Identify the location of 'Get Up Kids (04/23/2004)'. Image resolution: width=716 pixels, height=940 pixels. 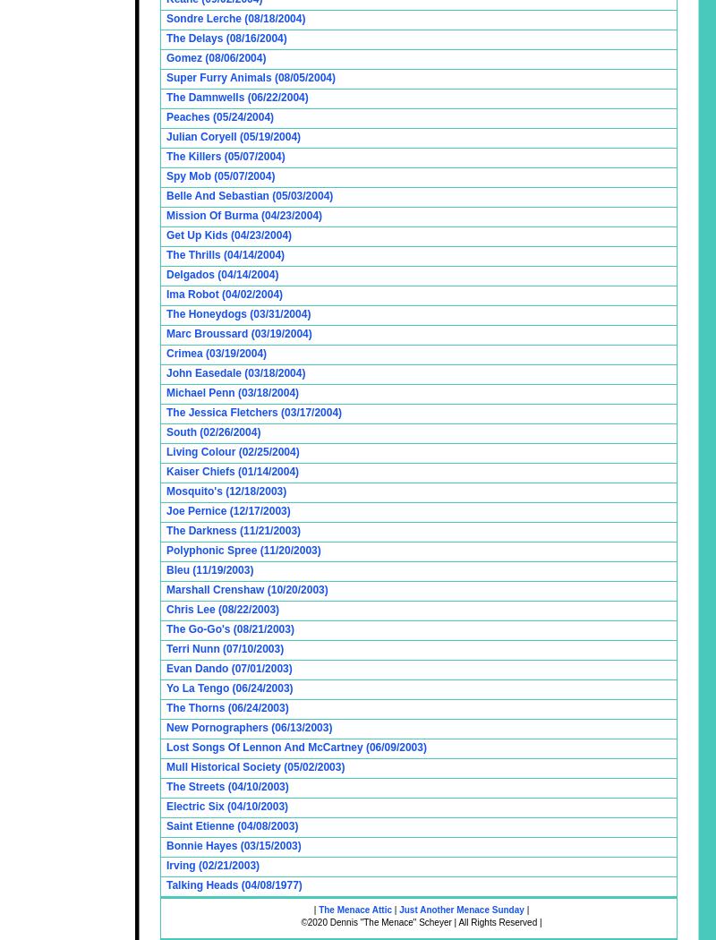
(228, 235).